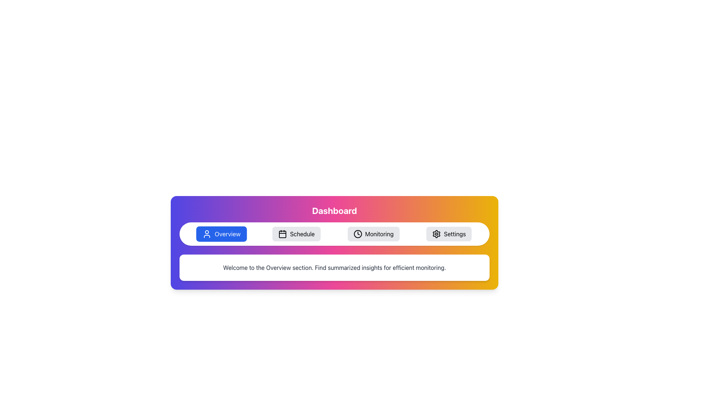 The width and height of the screenshot is (702, 395). I want to click on the navigation button located on the leftmost side of the horizontal row beneath the 'Dashboard' section header, so click(221, 234).